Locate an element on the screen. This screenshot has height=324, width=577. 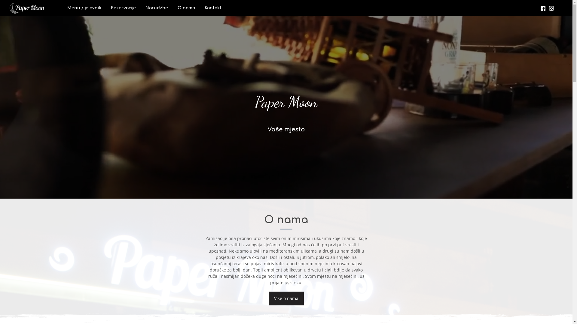
'Rezervacije' is located at coordinates (123, 8).